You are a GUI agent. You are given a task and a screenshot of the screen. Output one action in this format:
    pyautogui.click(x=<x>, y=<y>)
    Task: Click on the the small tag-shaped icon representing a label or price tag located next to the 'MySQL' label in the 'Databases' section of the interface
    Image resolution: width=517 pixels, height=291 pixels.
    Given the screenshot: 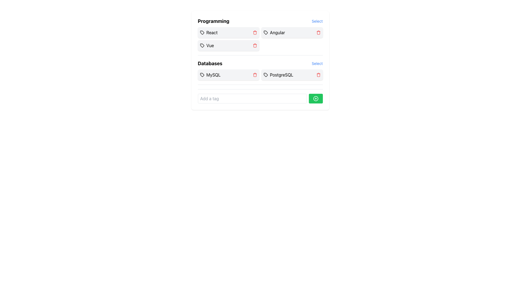 What is the action you would take?
    pyautogui.click(x=202, y=75)
    